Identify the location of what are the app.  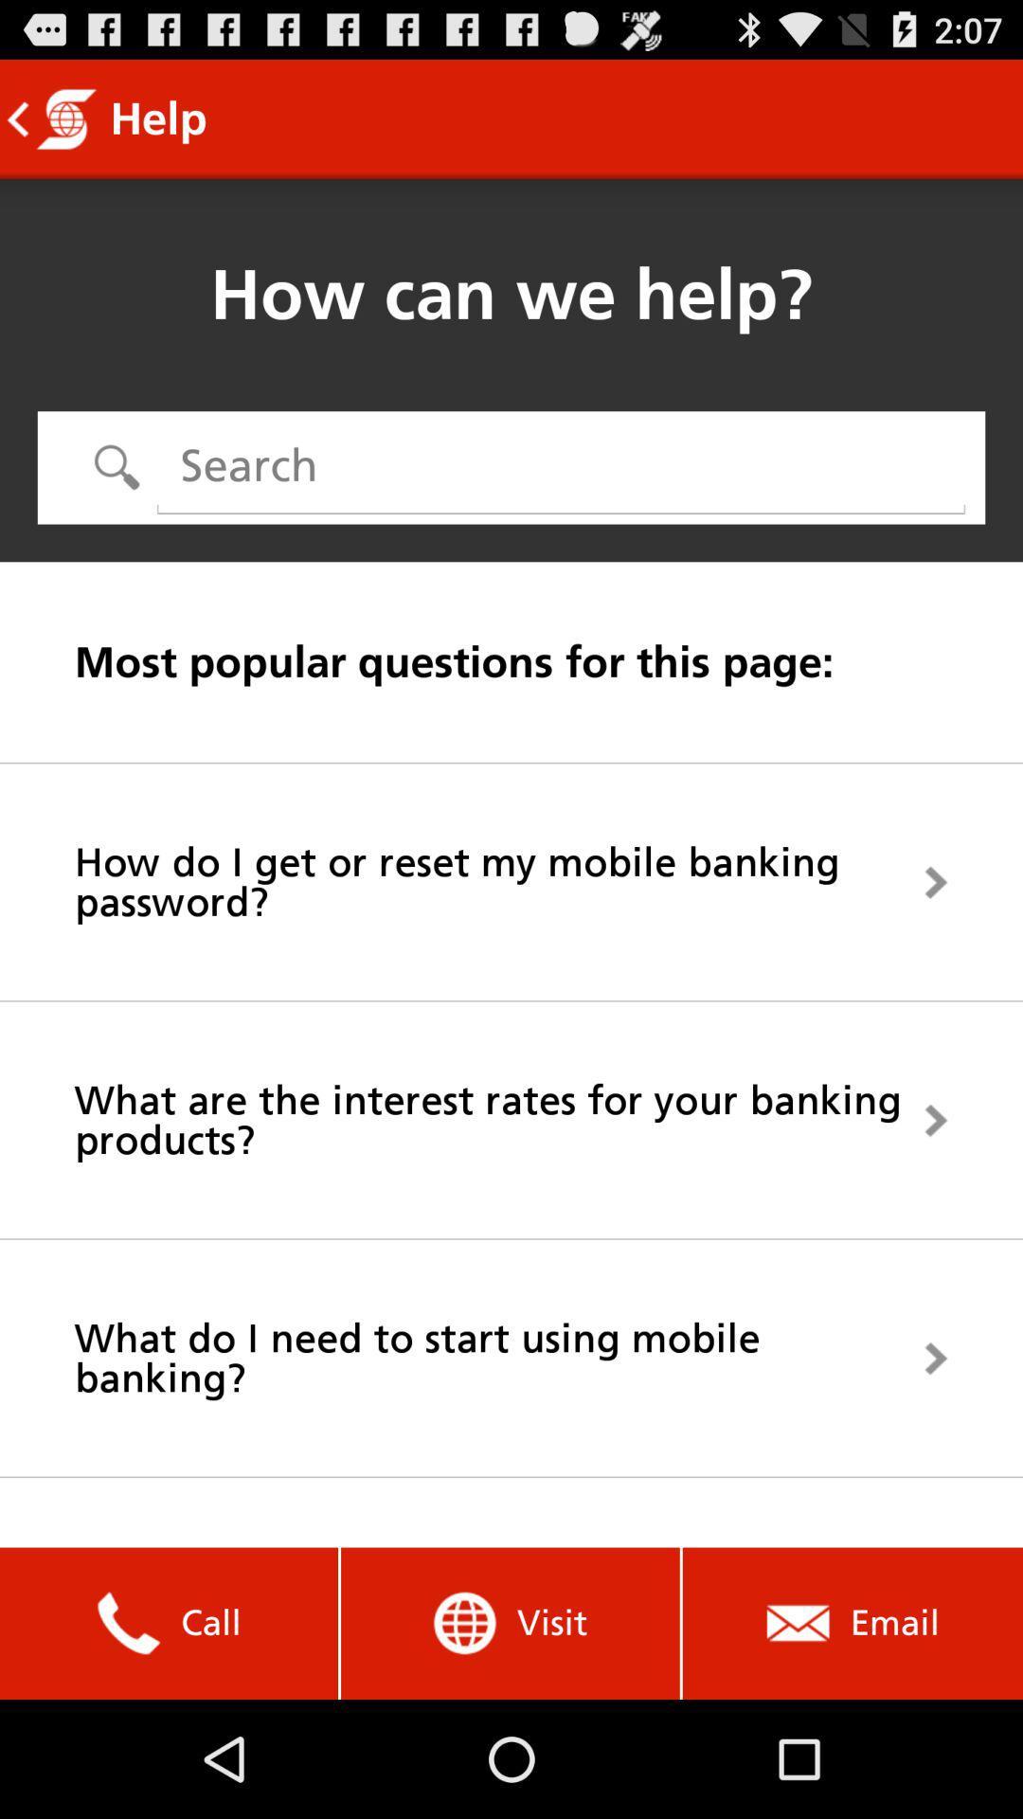
(511, 1120).